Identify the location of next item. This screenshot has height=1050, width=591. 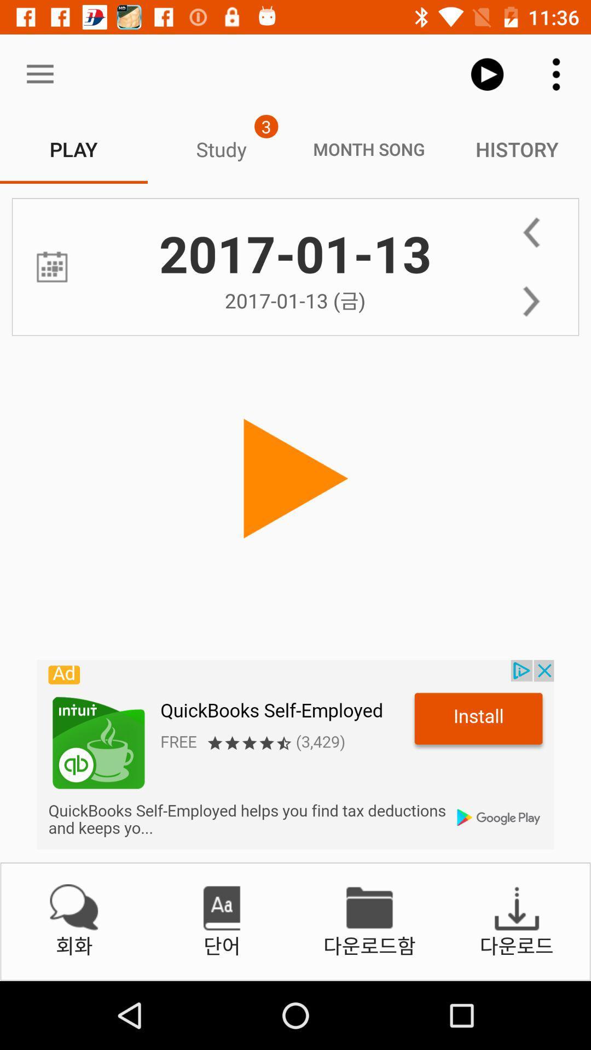
(531, 301).